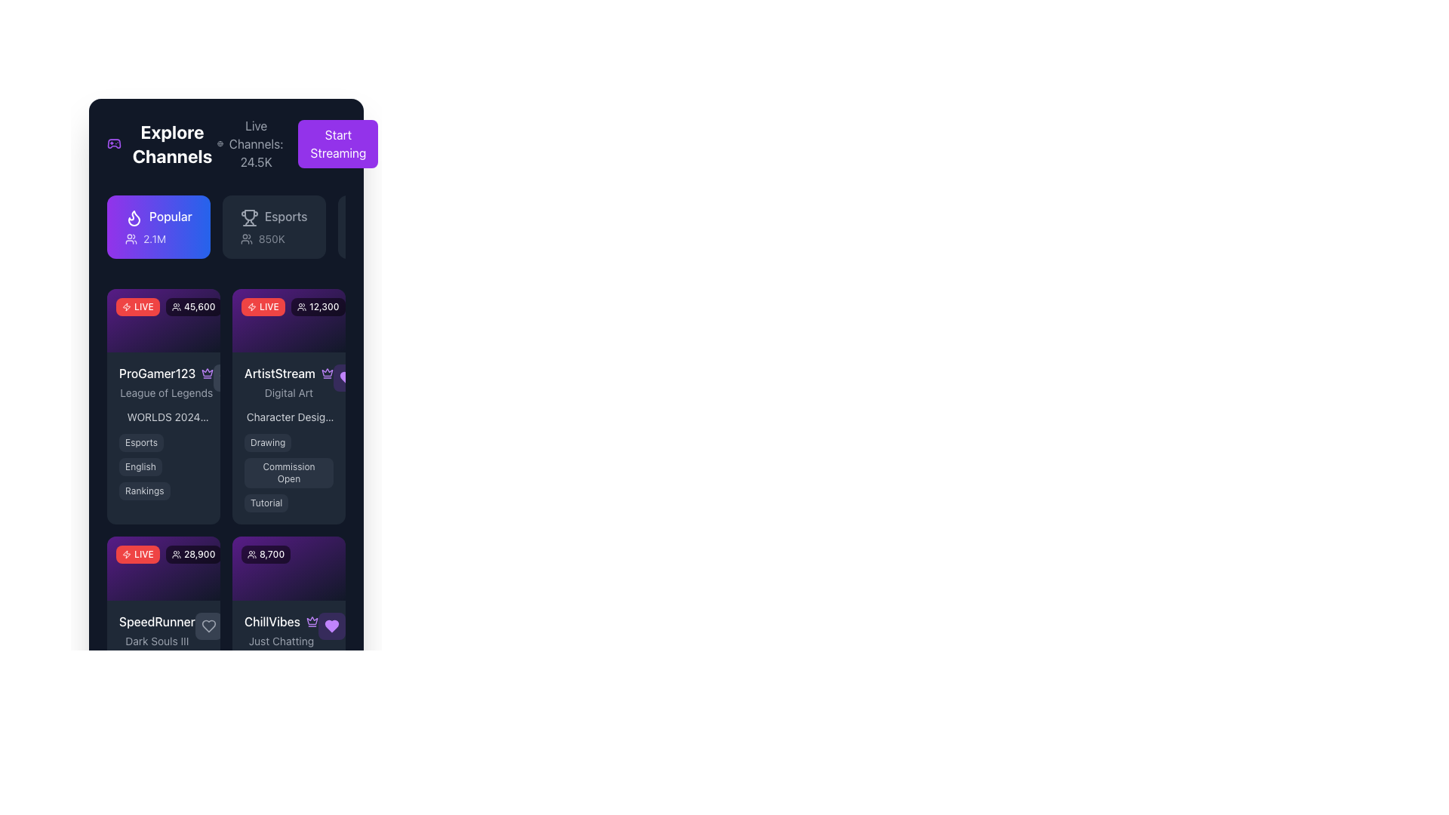 This screenshot has height=815, width=1449. Describe the element at coordinates (166, 374) in the screenshot. I see `the displayed username of the streamer located below the 'LIVE' button and above the game title 'League of Legends' in the streaming channels panel` at that location.